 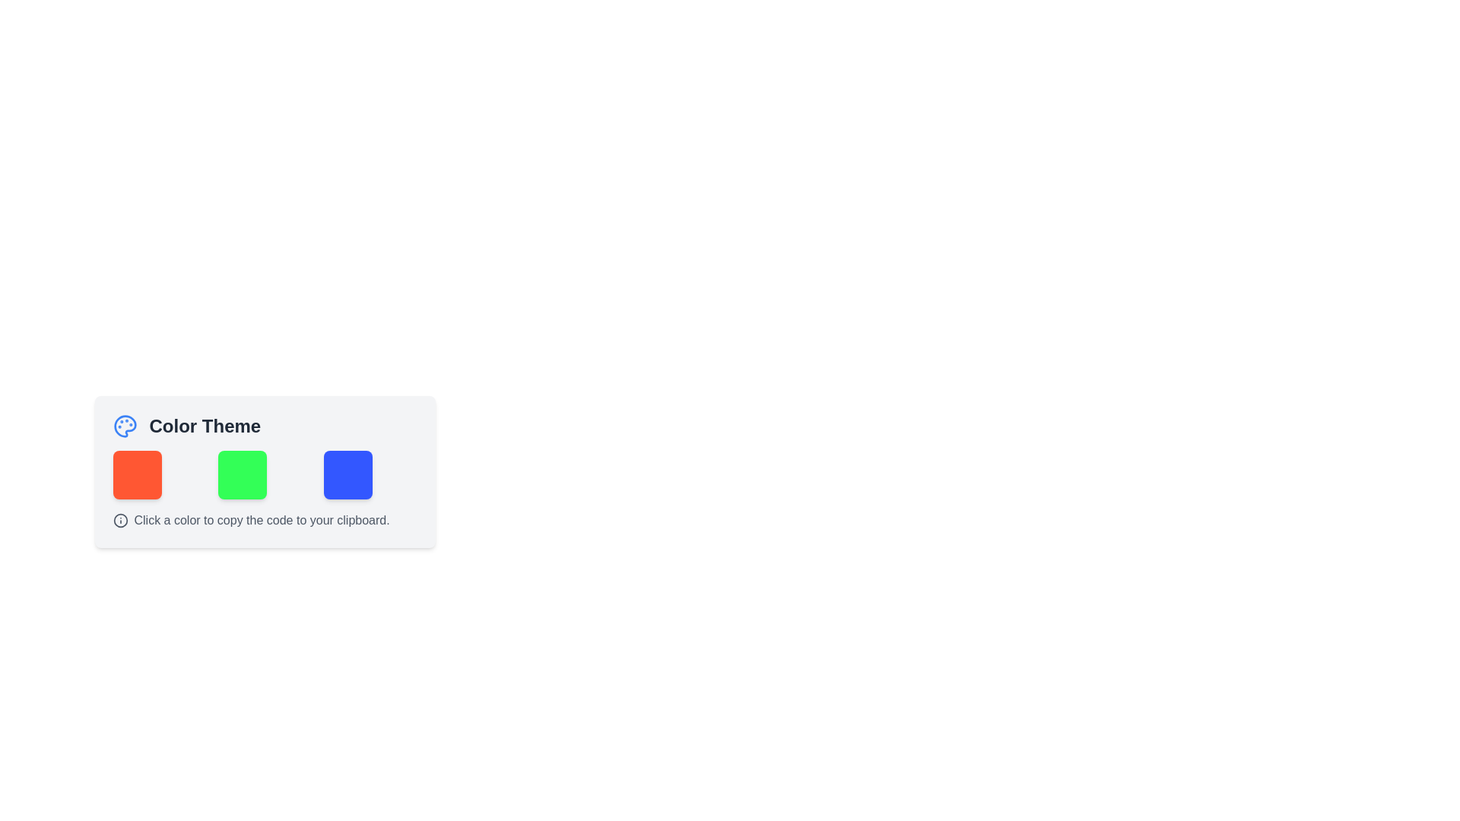 I want to click on the green Interactive Color Box with rounded borders and shadow effect, so click(x=242, y=474).